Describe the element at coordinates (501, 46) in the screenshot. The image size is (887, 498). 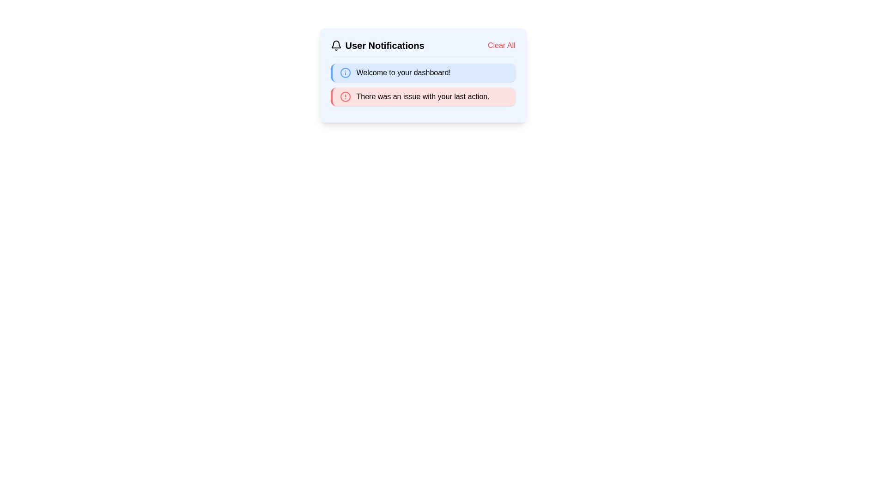
I see `the 'Clear All' button, which is styled in bold, red font and located in the top-right corner of the user notifications panel` at that location.